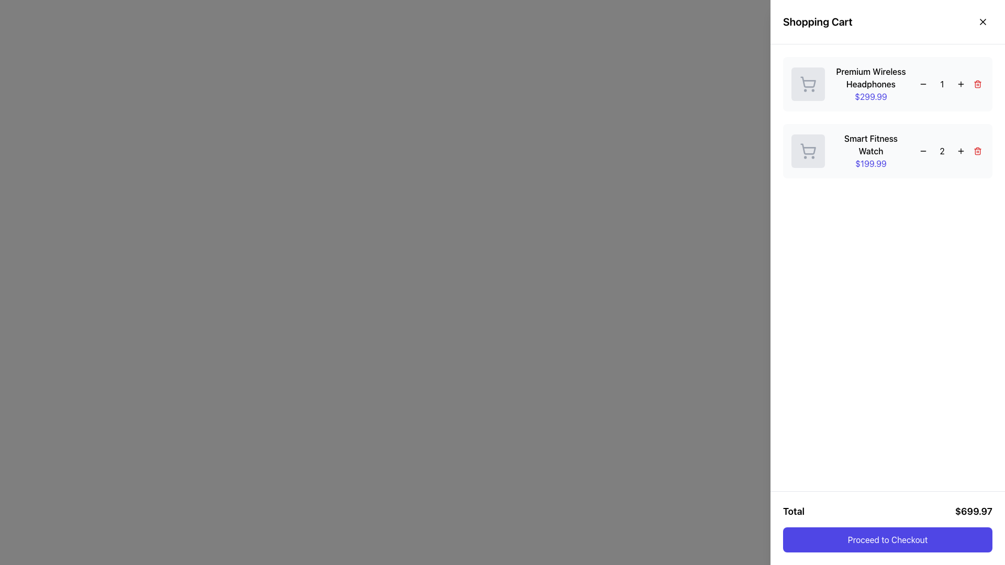 The image size is (1005, 565). Describe the element at coordinates (985, 18) in the screenshot. I see `the close button located in the top-right corner of the shopping cart overlay, adjacent to the title 'Shopping Cart'` at that location.